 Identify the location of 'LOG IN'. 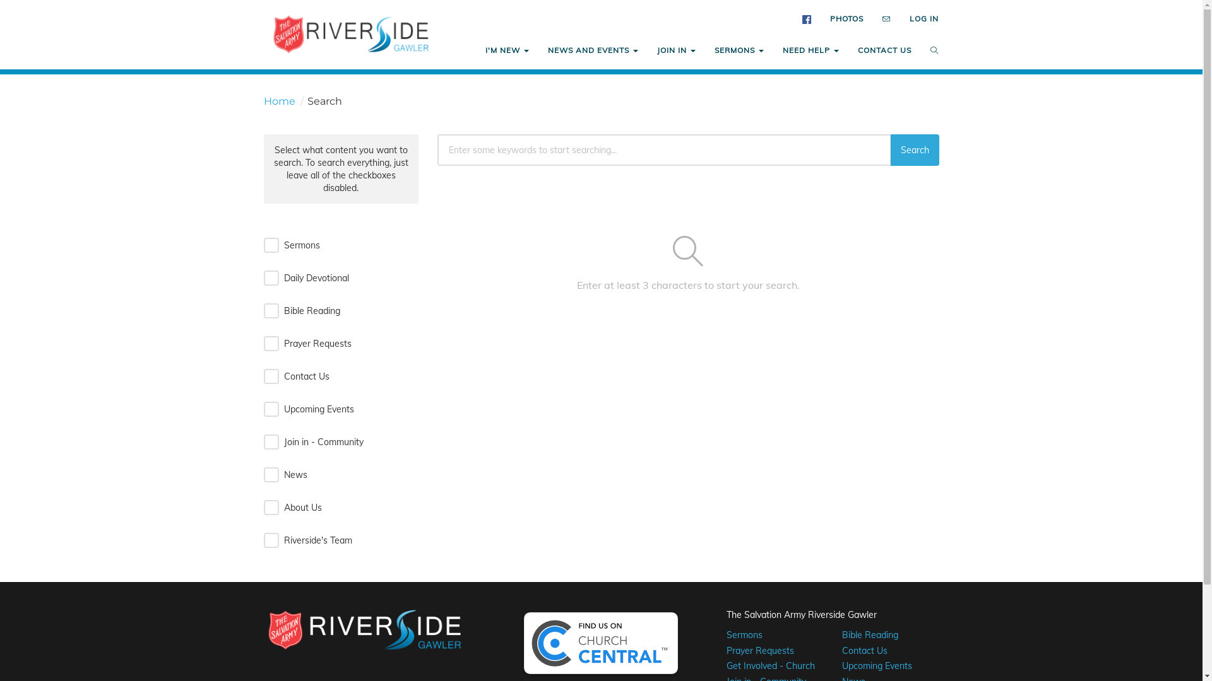
(899, 19).